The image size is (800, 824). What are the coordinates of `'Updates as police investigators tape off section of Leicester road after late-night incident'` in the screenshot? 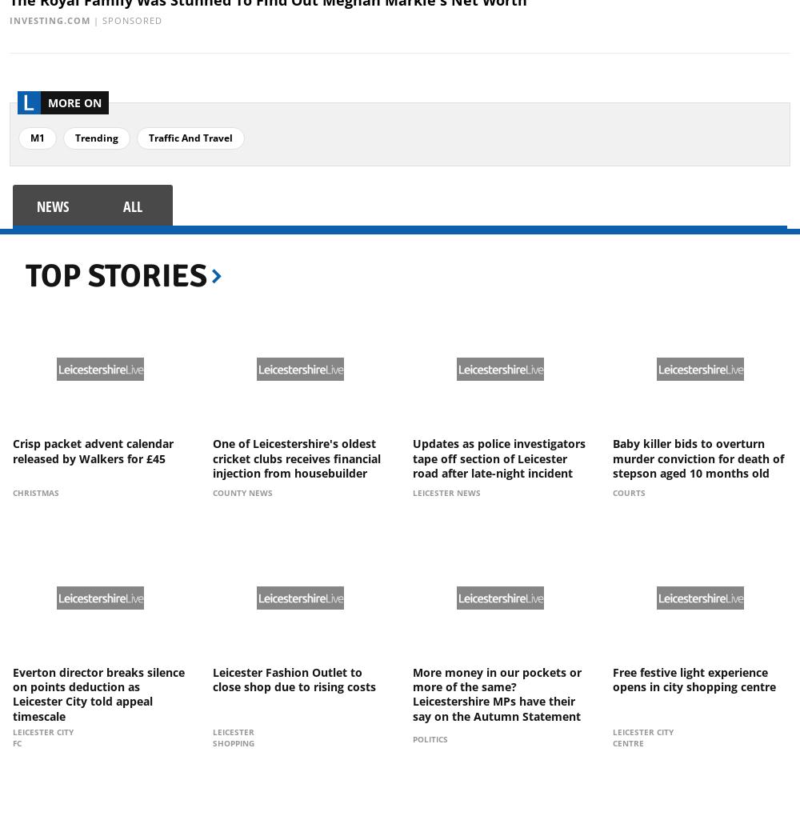 It's located at (413, 458).